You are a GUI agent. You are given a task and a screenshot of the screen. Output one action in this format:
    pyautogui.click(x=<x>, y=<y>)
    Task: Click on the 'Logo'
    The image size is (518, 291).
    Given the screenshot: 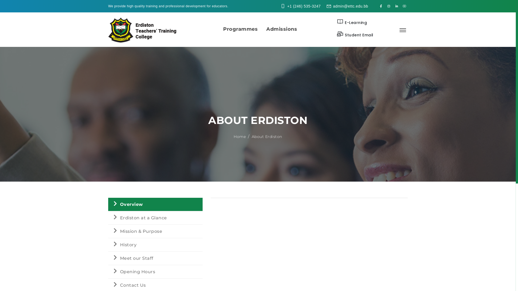 What is the action you would take?
    pyautogui.click(x=144, y=30)
    